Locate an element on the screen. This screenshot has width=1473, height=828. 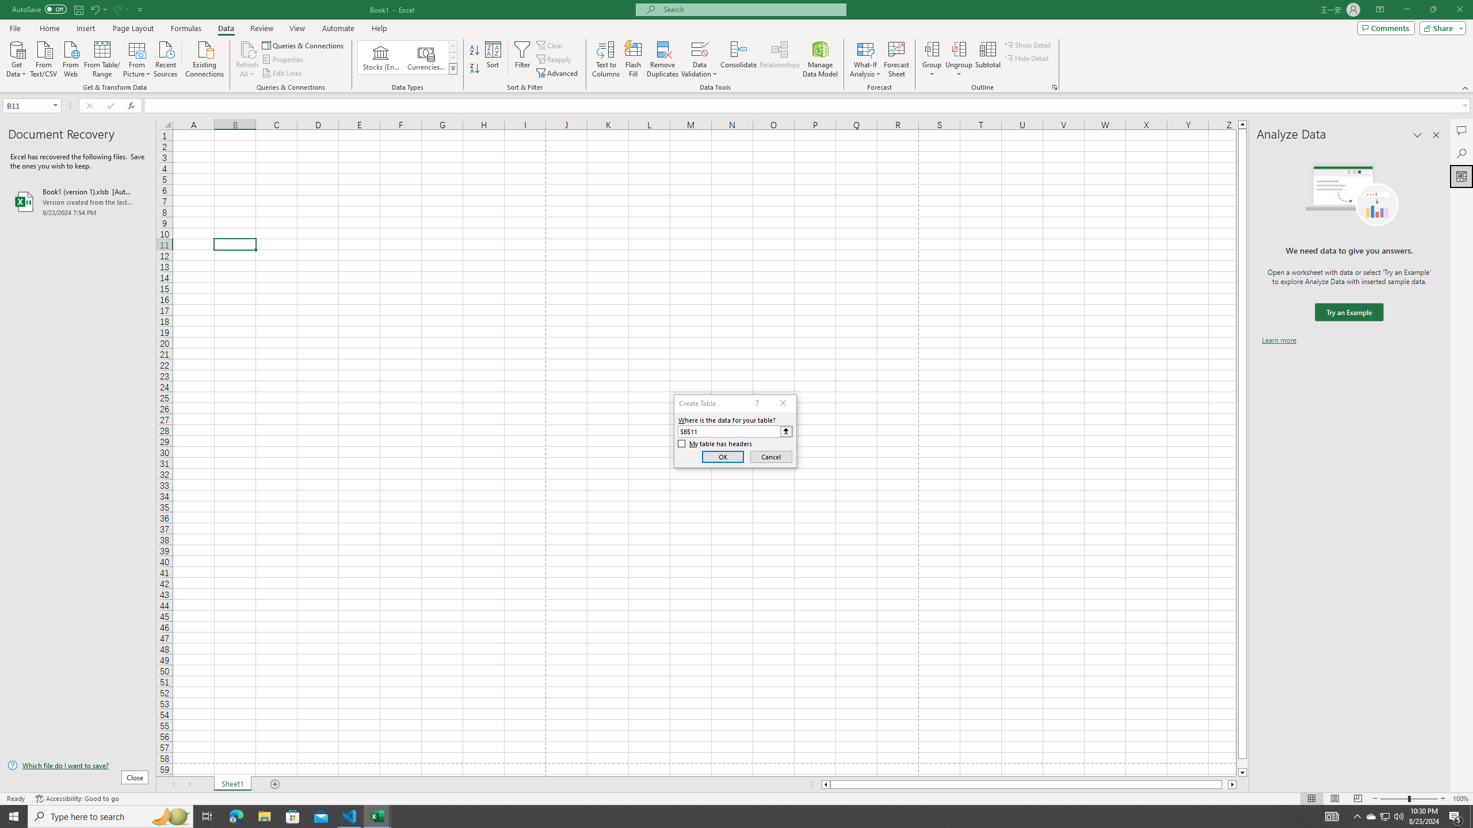
'Relationships' is located at coordinates (779, 59).